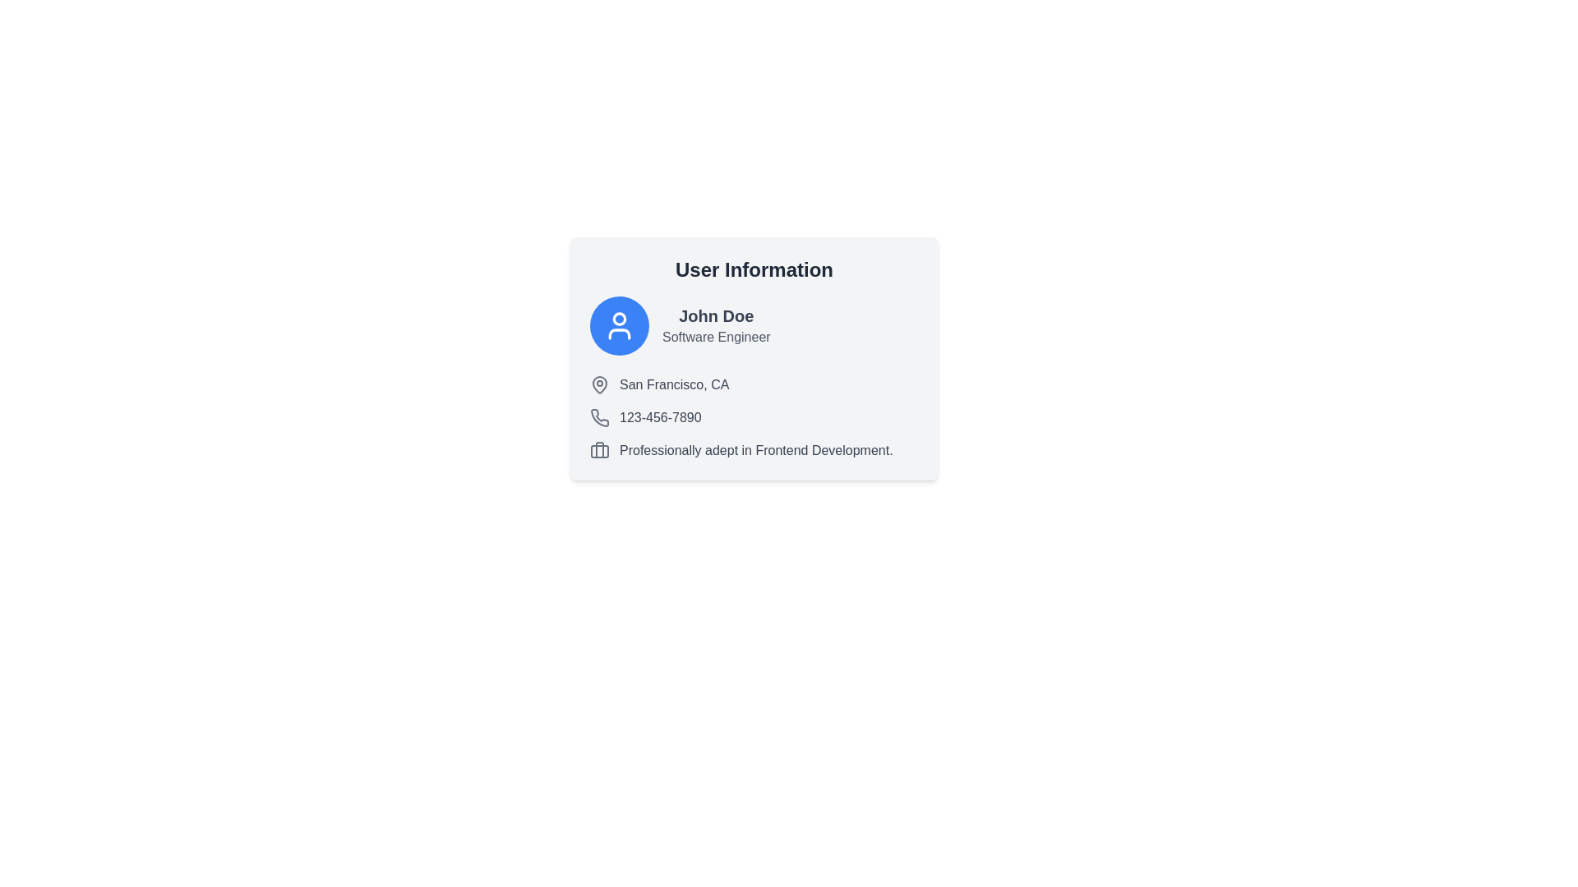 The width and height of the screenshot is (1578, 887). What do you see at coordinates (674, 385) in the screenshot?
I see `text displayed in the label showing 'San Francisco, CA', which is positioned slightly to the right of the map pin icon` at bounding box center [674, 385].